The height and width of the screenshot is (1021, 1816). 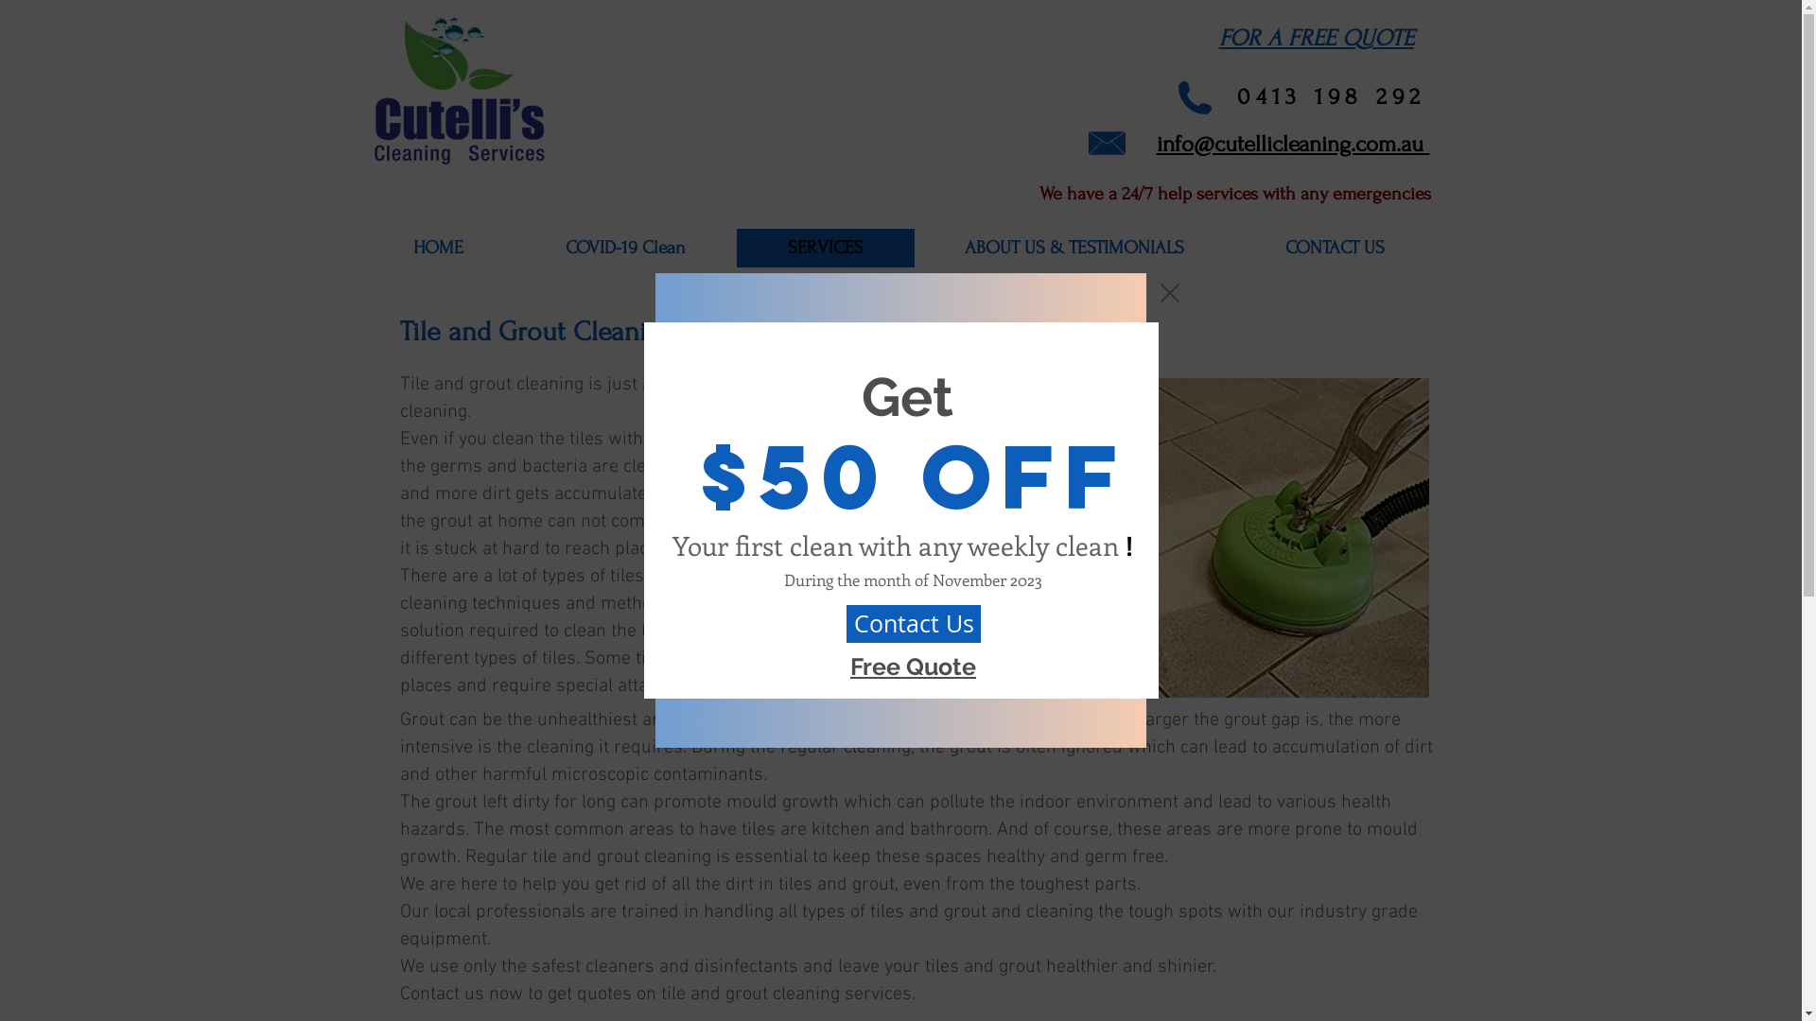 What do you see at coordinates (913, 623) in the screenshot?
I see `'Contact Us'` at bounding box center [913, 623].